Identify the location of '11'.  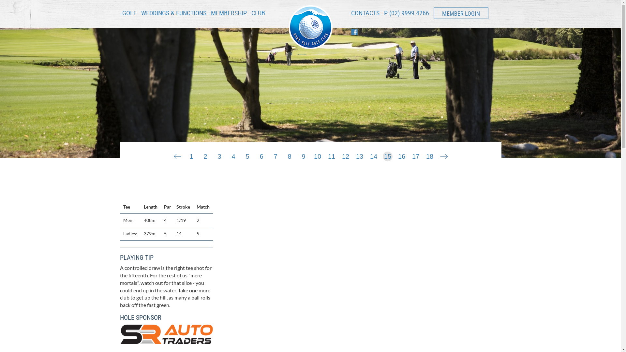
(332, 155).